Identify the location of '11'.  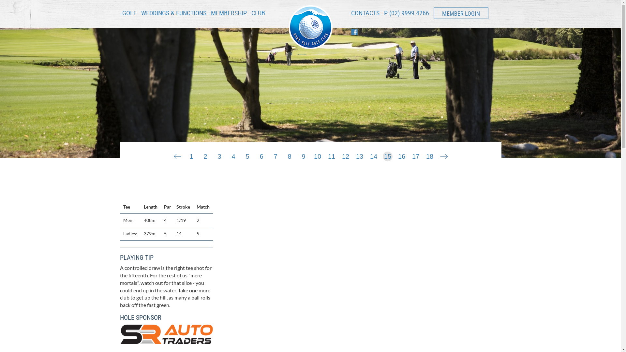
(332, 155).